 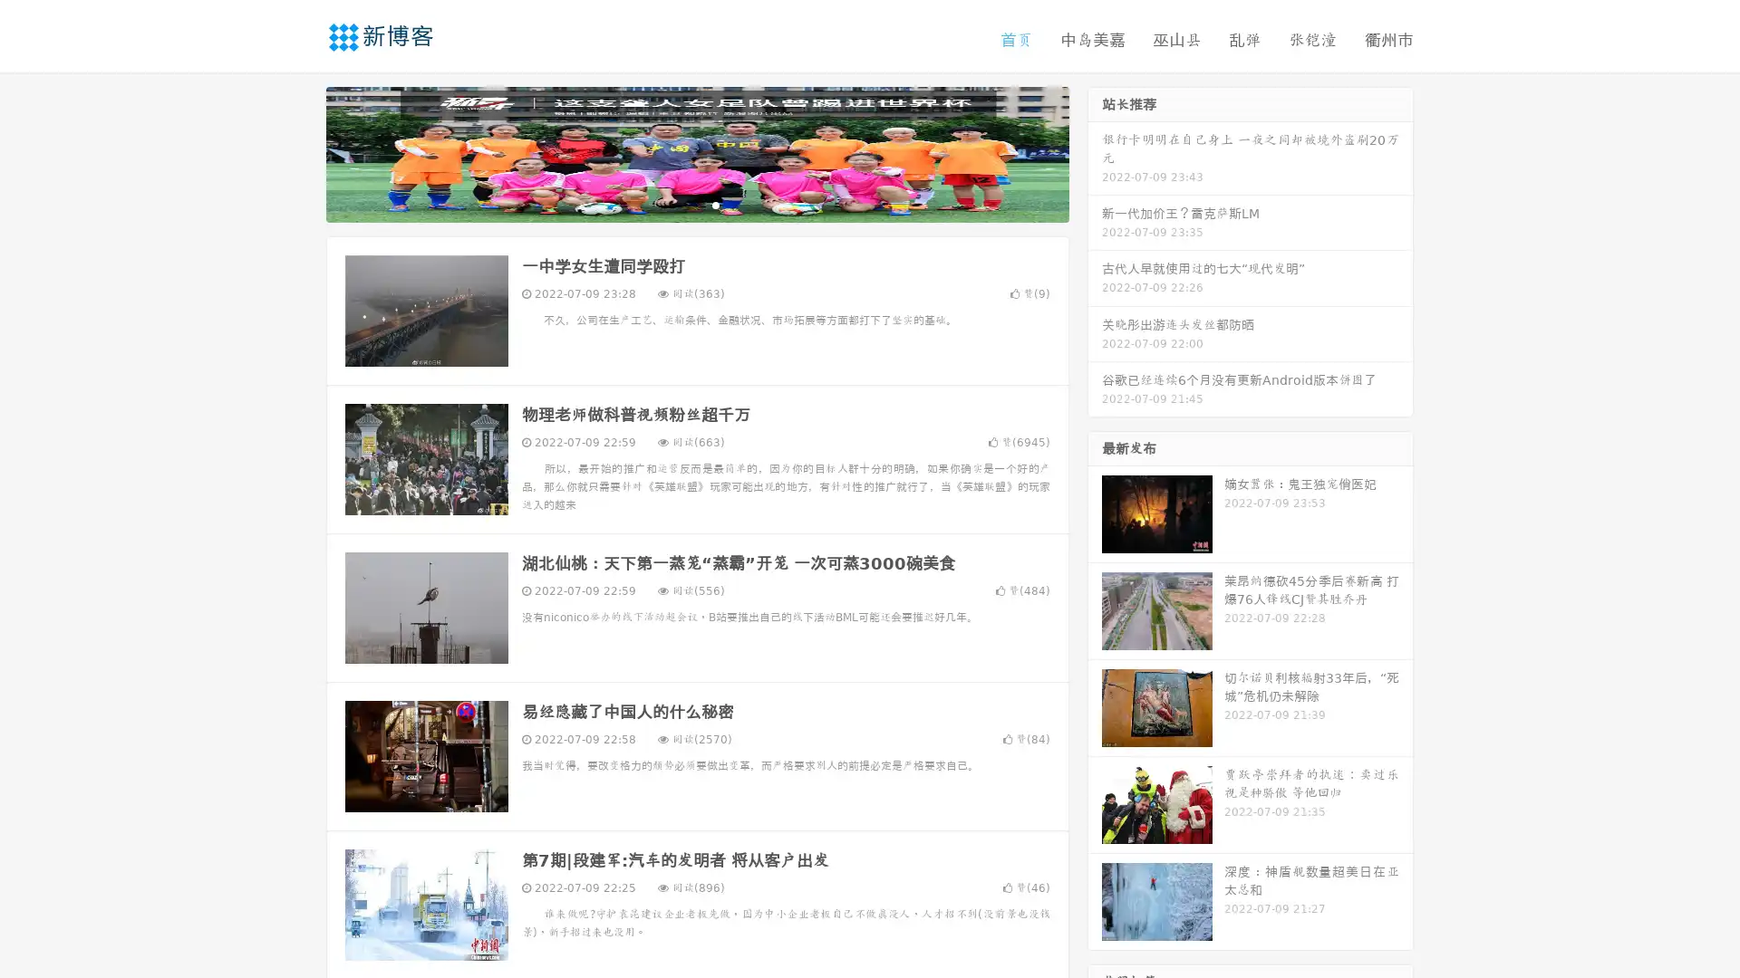 I want to click on Go to slide 1, so click(x=678, y=204).